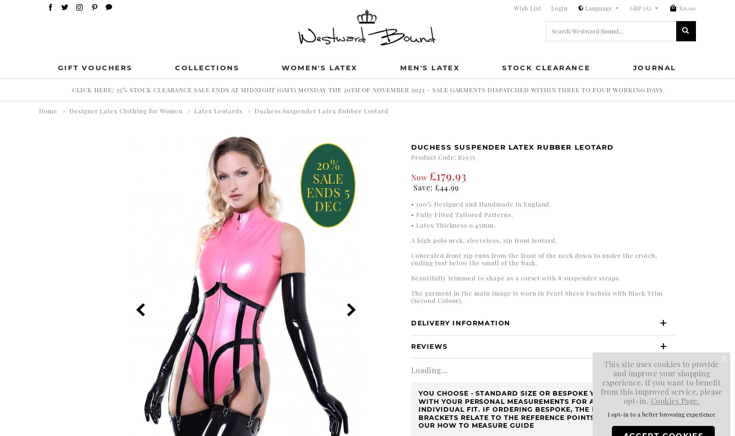 The width and height of the screenshot is (735, 436). I want to click on 'Latex Spats and Socks', so click(126, 289).